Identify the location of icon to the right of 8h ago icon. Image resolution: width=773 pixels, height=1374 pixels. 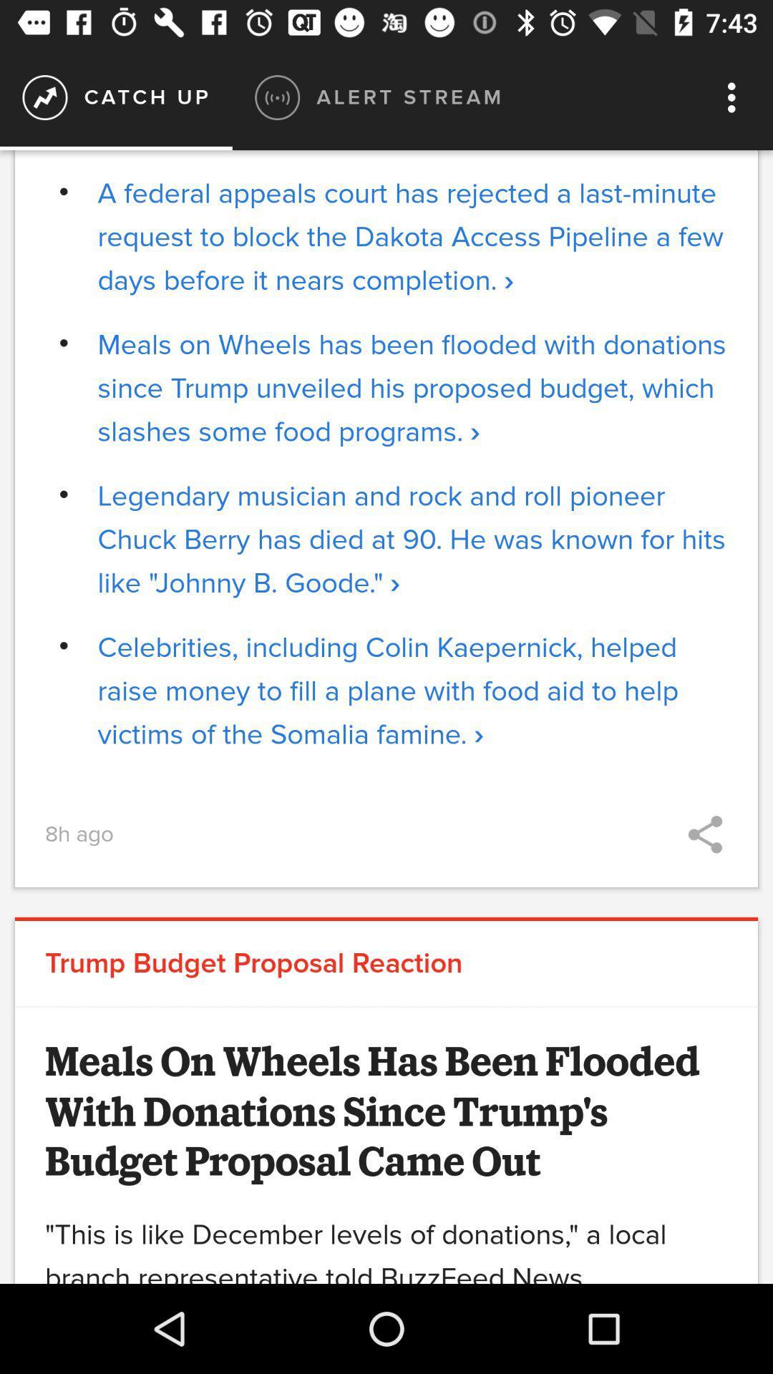
(704, 834).